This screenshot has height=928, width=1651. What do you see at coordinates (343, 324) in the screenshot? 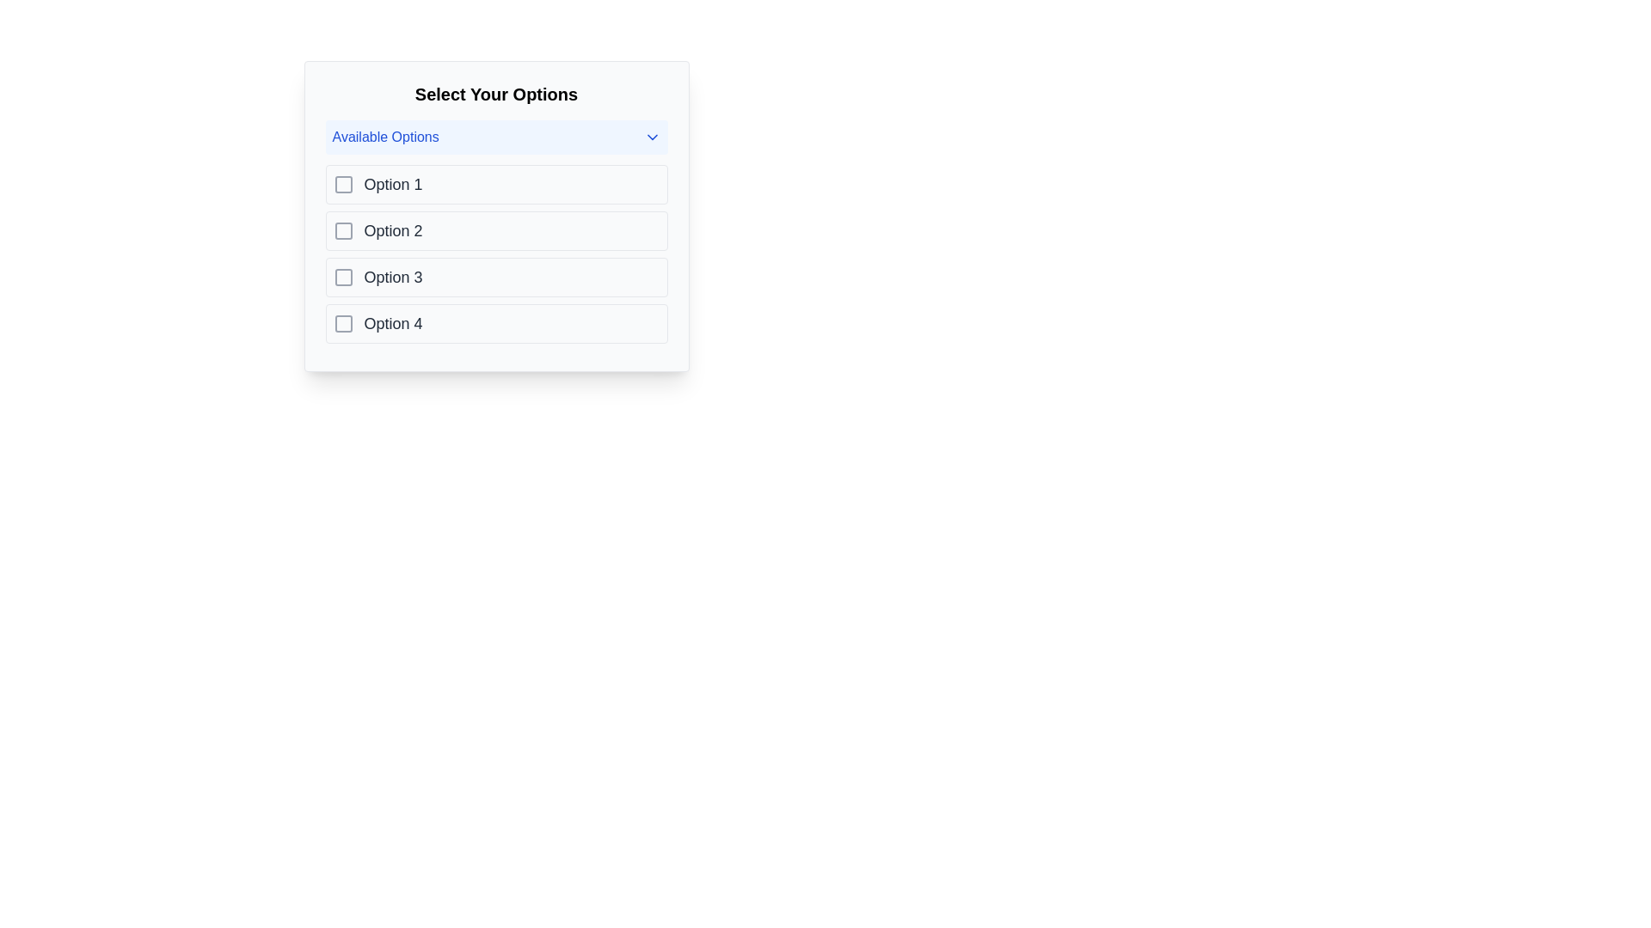
I see `the checkbox associated with the fourth option labeled 'Option 4'` at bounding box center [343, 324].